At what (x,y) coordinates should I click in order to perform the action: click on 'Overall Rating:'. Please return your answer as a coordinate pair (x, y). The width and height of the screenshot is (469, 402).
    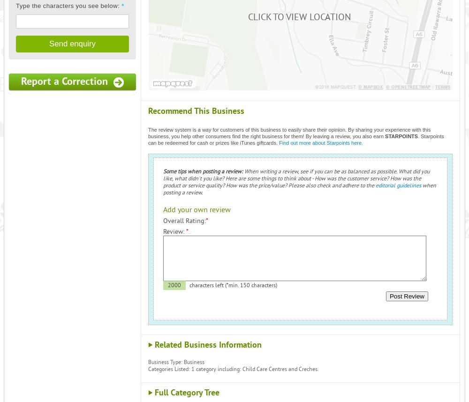
    Looking at the image, I should click on (163, 221).